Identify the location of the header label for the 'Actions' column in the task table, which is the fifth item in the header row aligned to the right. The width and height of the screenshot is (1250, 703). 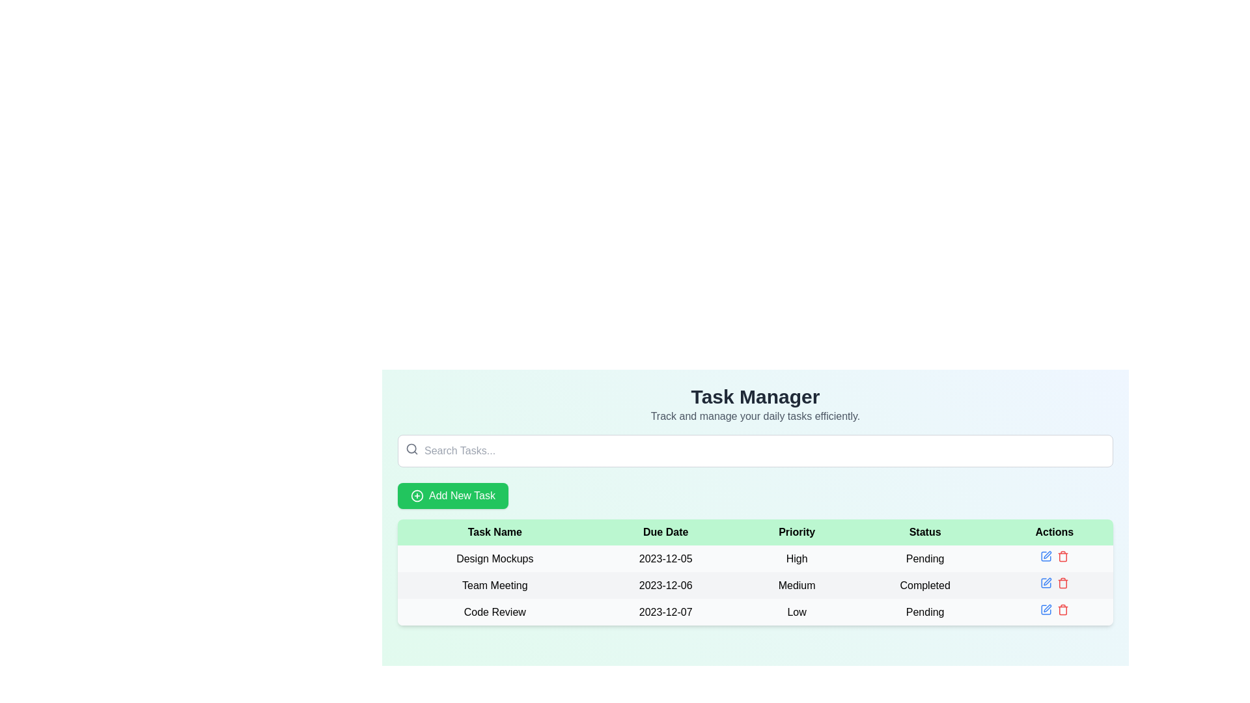
(1054, 532).